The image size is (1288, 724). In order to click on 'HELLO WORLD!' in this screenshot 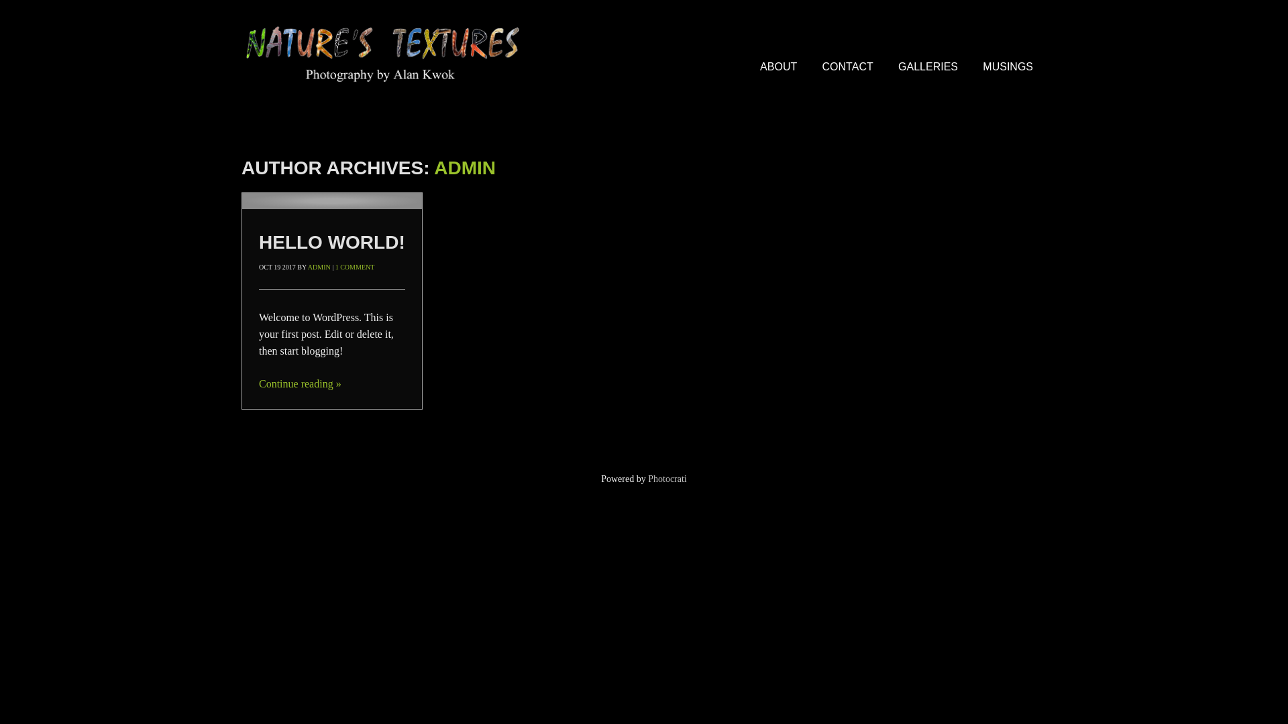, I will do `click(331, 242)`.